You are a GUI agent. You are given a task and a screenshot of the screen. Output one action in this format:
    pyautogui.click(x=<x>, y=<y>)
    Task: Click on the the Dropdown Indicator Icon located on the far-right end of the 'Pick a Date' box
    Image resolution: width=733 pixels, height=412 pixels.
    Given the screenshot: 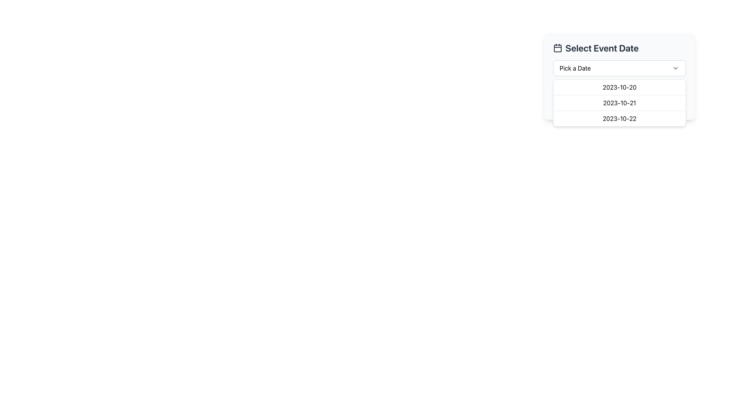 What is the action you would take?
    pyautogui.click(x=676, y=68)
    